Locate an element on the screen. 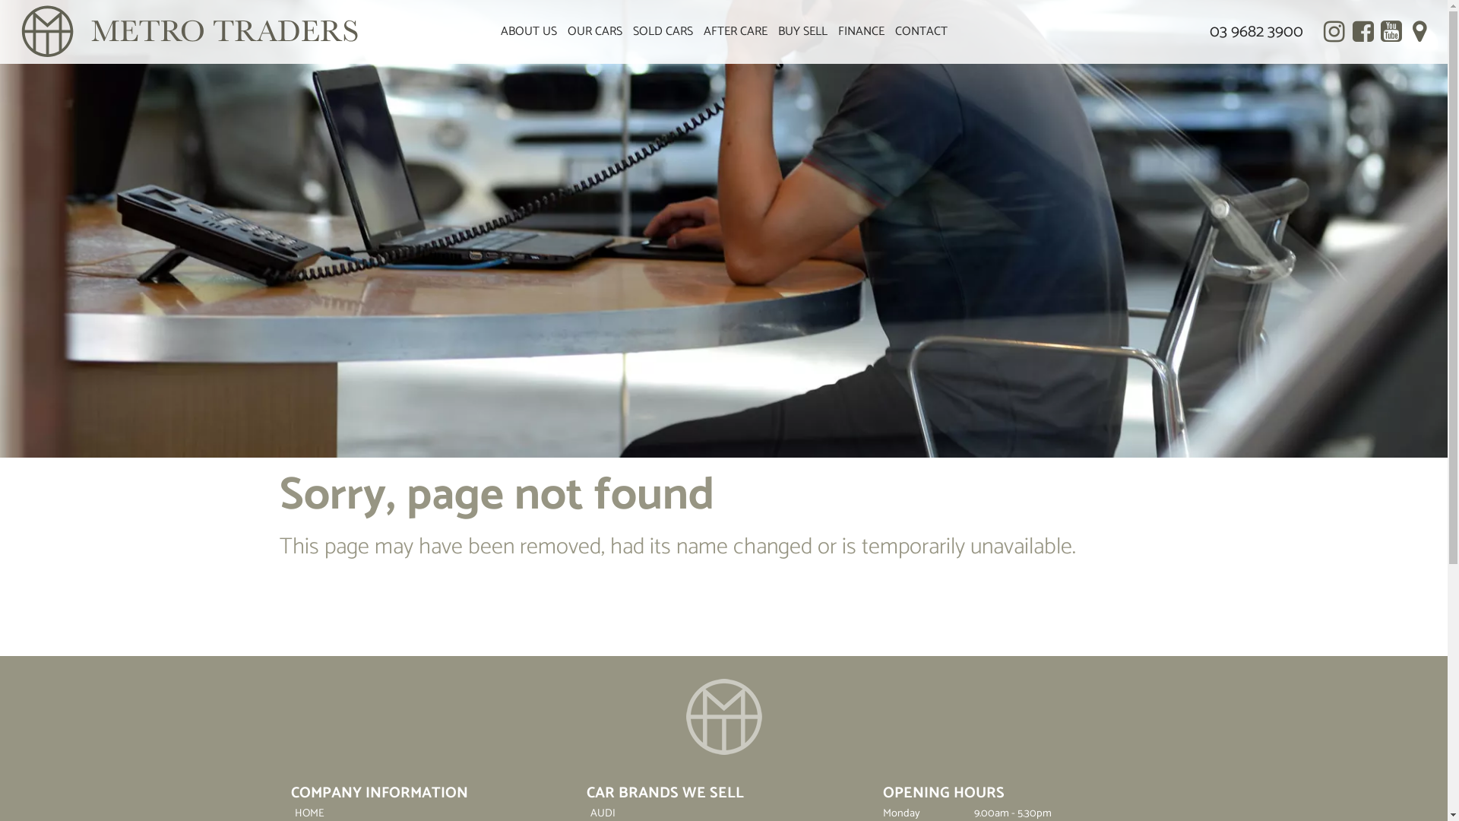 The image size is (1459, 821). 'ABOUT US' is located at coordinates (529, 32).